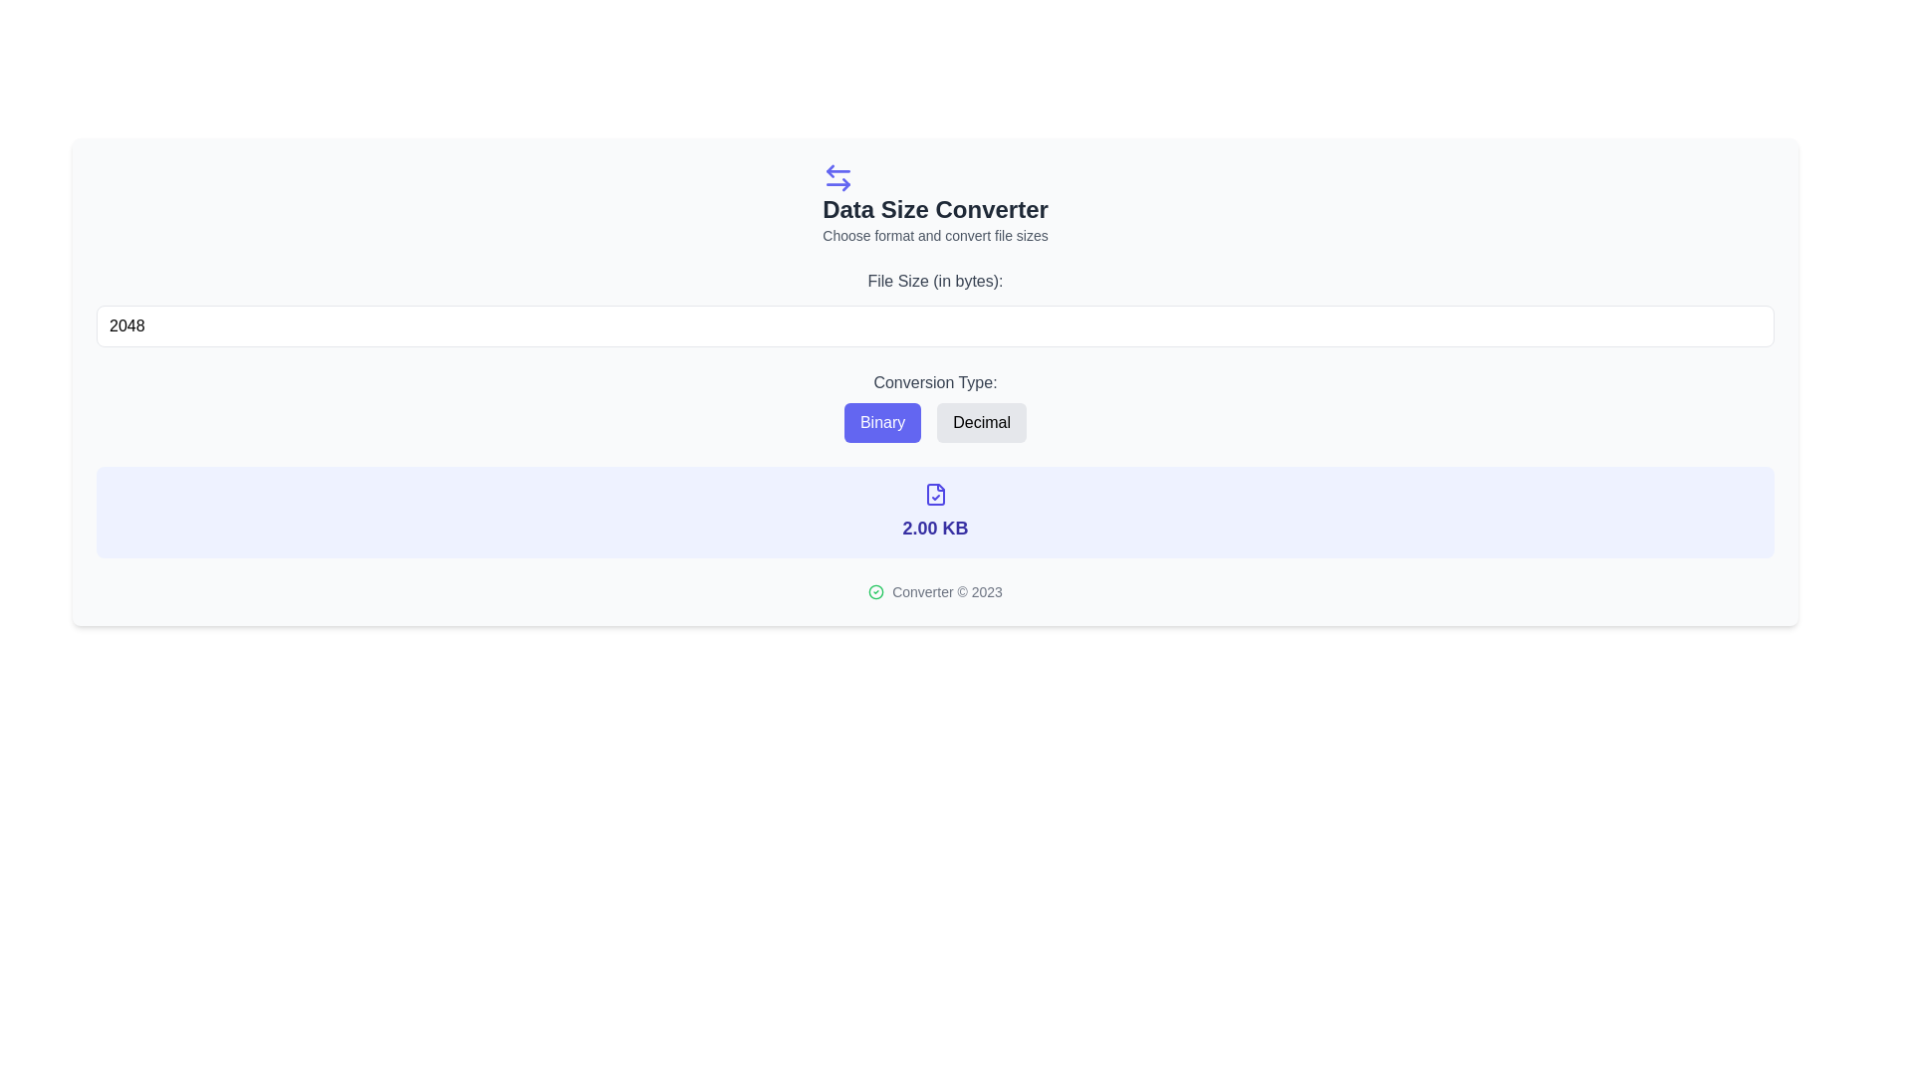  I want to click on the contextual label indicating the expected file size value in bytes, which is positioned above the editable number input field, so click(934, 281).